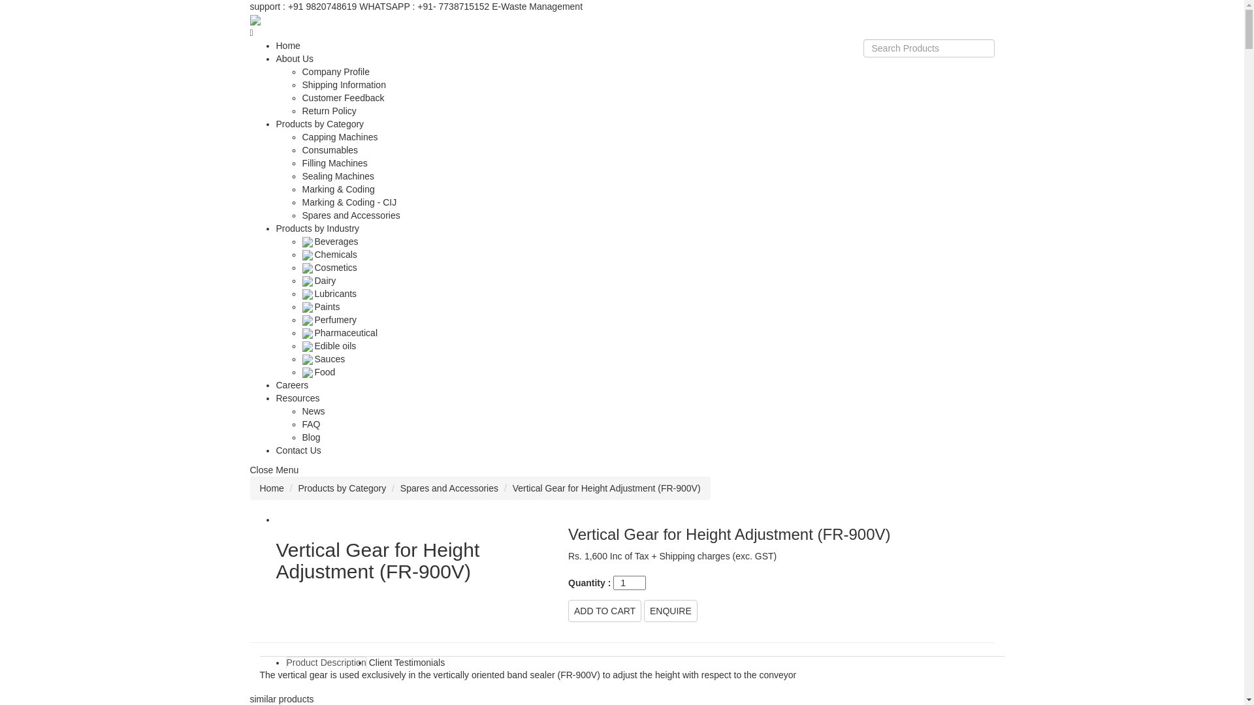  I want to click on 'News', so click(312, 410).